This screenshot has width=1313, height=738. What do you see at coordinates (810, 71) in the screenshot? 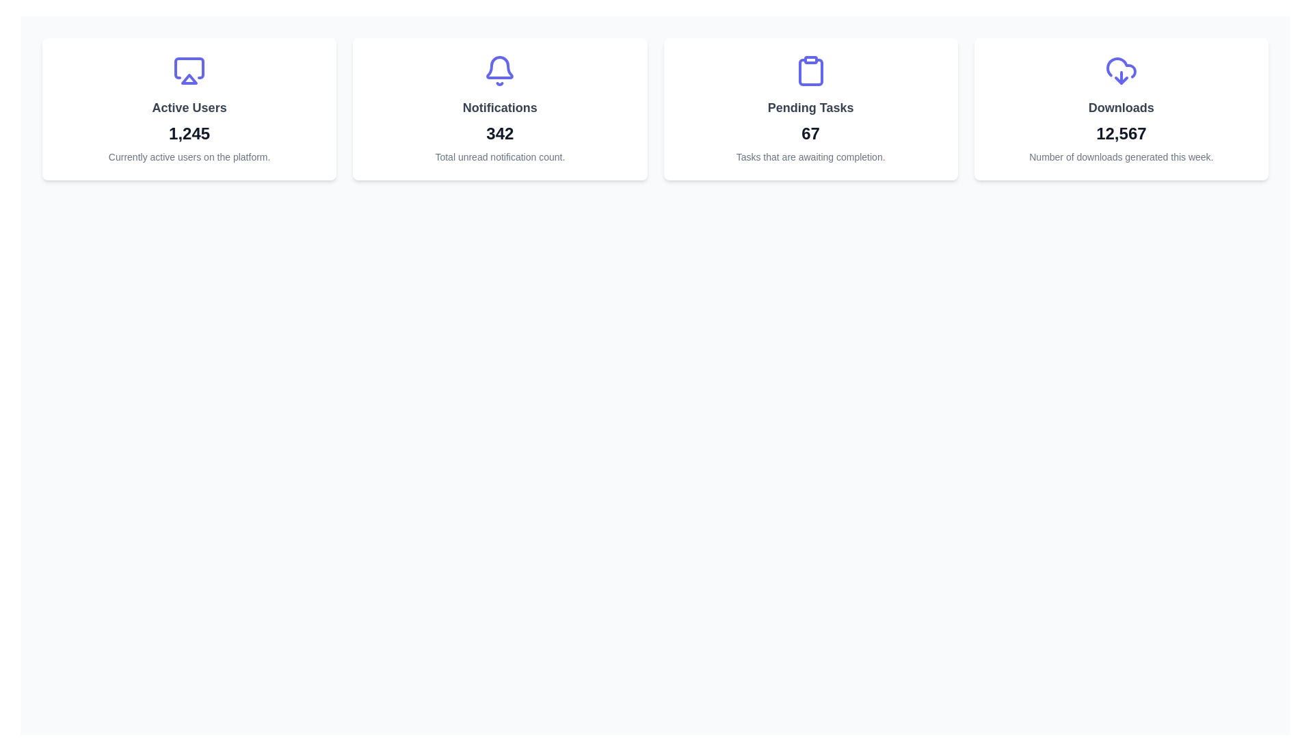
I see `the clipboard icon in the 'Pending Tasks' section, which is styled in vibrant indigo with a rectangular body and a cutout rectangle at the top` at bounding box center [810, 71].